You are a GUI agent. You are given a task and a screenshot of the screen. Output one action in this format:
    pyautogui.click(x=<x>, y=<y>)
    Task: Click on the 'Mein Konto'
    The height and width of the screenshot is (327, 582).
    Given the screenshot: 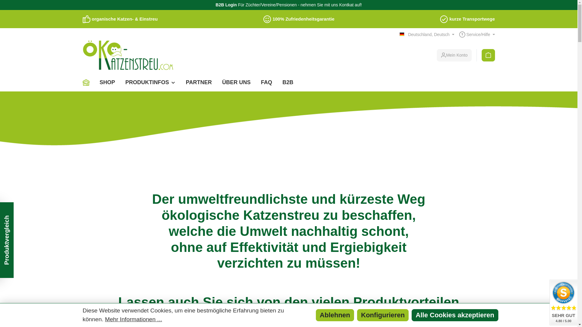 What is the action you would take?
    pyautogui.click(x=454, y=55)
    